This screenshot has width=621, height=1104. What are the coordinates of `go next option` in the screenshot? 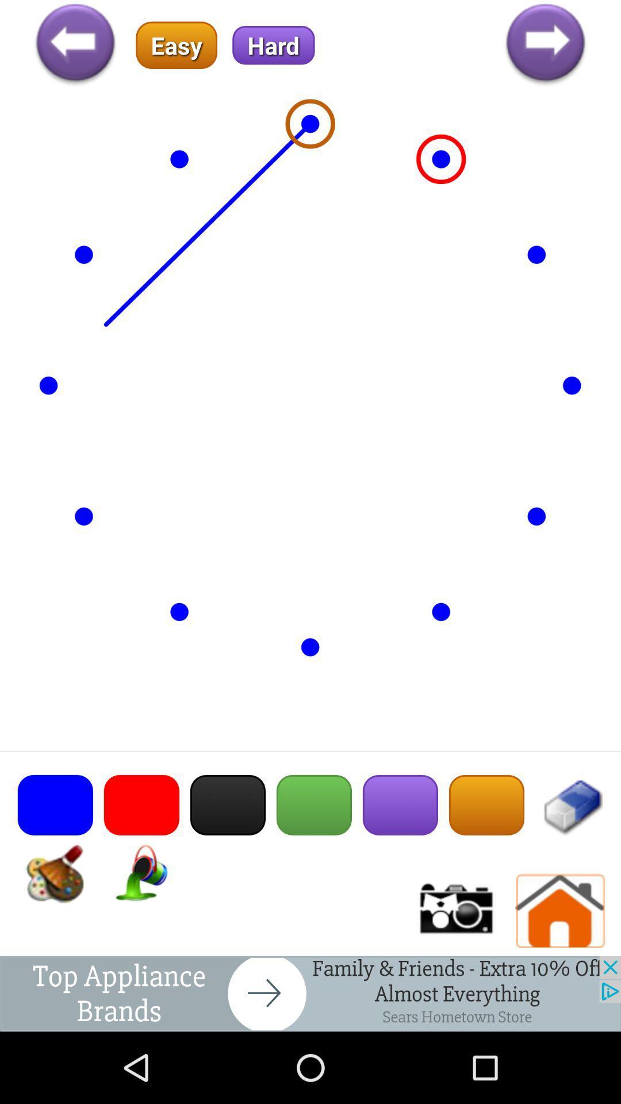 It's located at (545, 45).